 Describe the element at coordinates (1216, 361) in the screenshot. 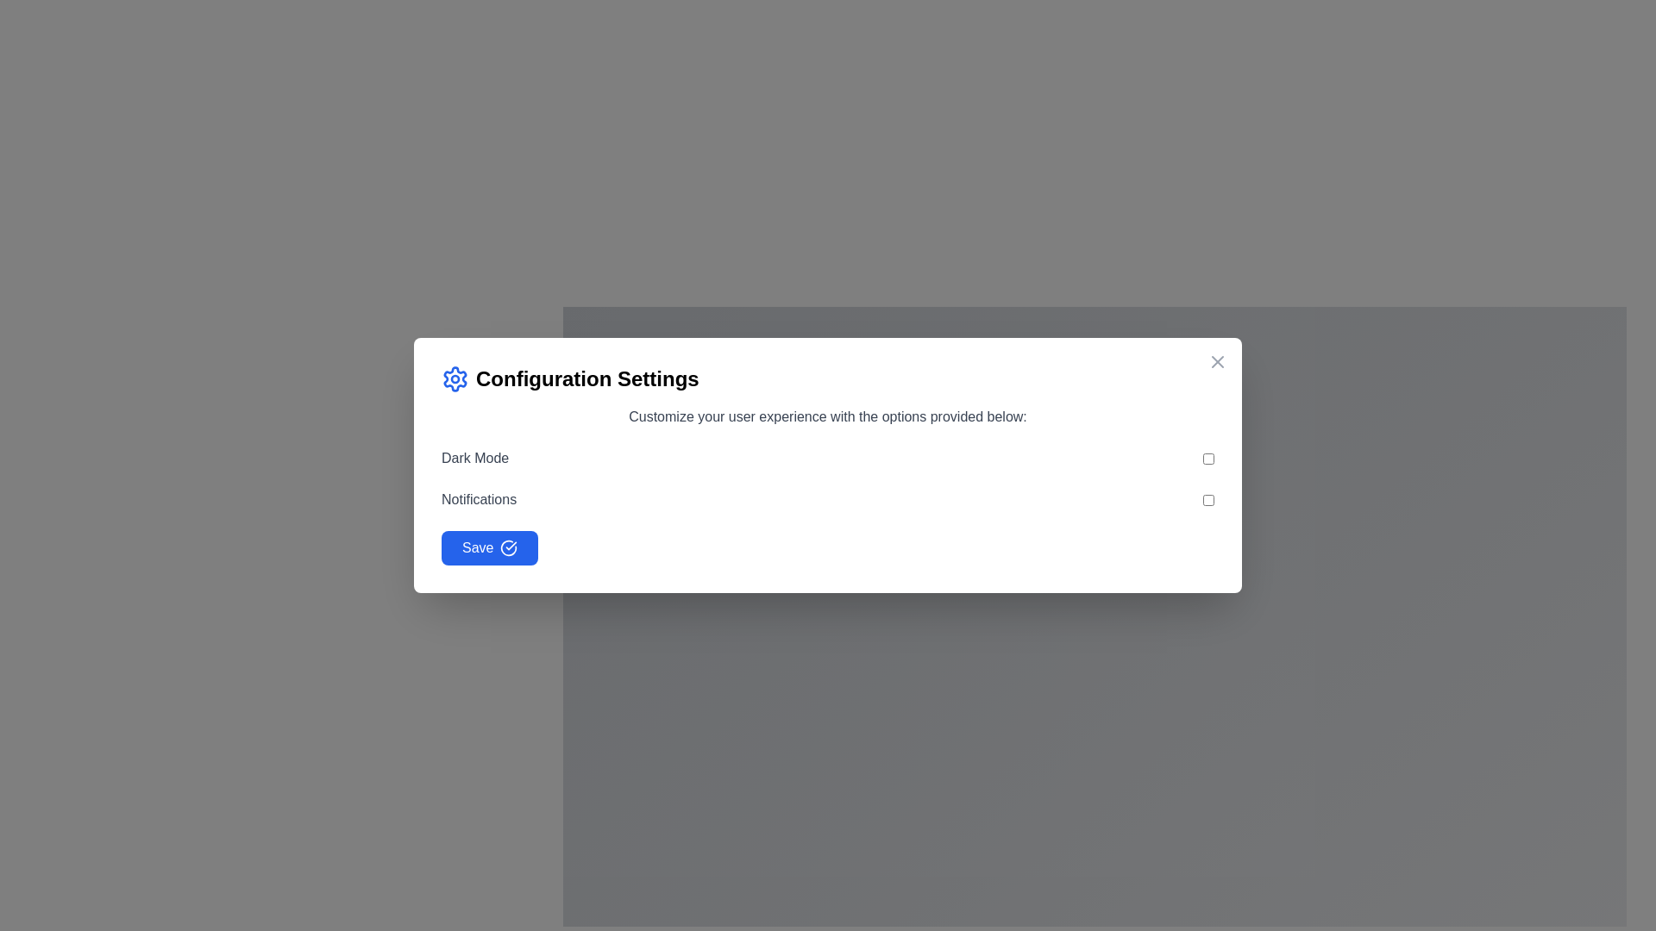

I see `the gray X-shaped close button located at the top-right edge of the configuration settings dialog box to trigger its hover effect and change its color` at that location.